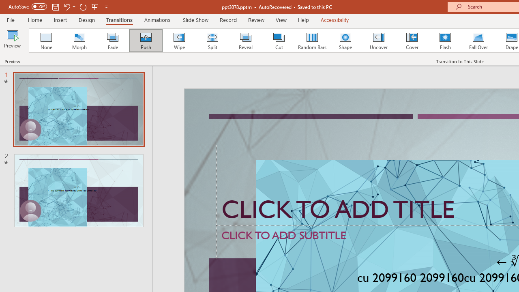  Describe the element at coordinates (79, 41) in the screenshot. I see `'Morph'` at that location.